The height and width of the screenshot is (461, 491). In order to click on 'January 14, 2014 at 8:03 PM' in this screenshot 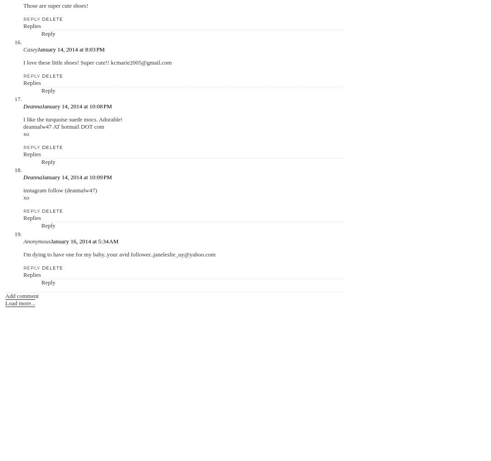, I will do `click(70, 49)`.